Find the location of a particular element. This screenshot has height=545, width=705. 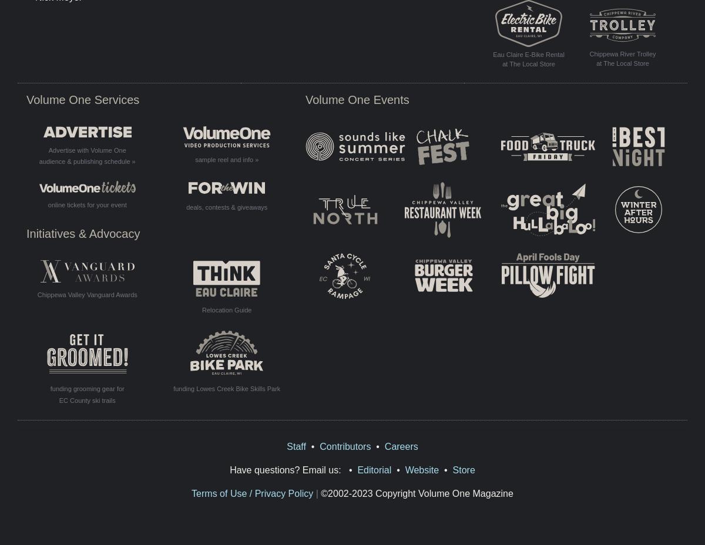

'Volume One Services' is located at coordinates (83, 99).